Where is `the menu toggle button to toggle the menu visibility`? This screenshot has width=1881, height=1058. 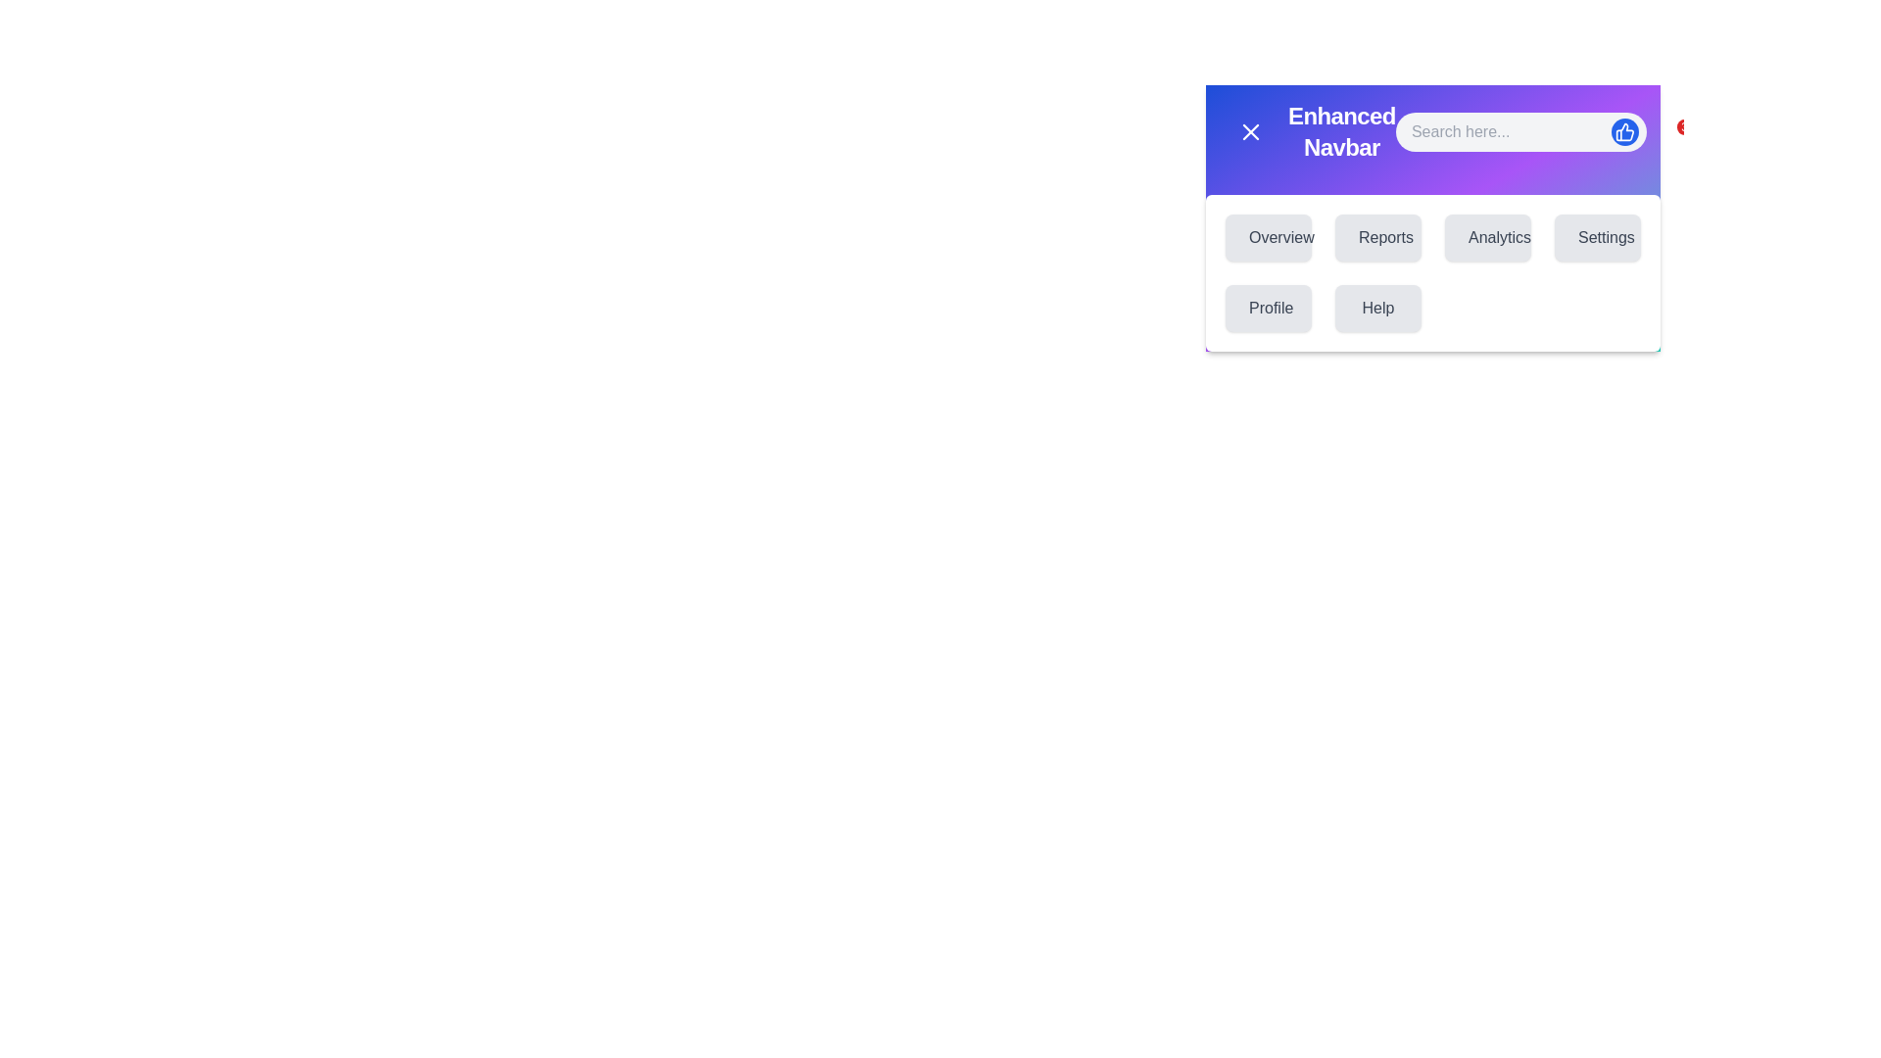
the menu toggle button to toggle the menu visibility is located at coordinates (1249, 132).